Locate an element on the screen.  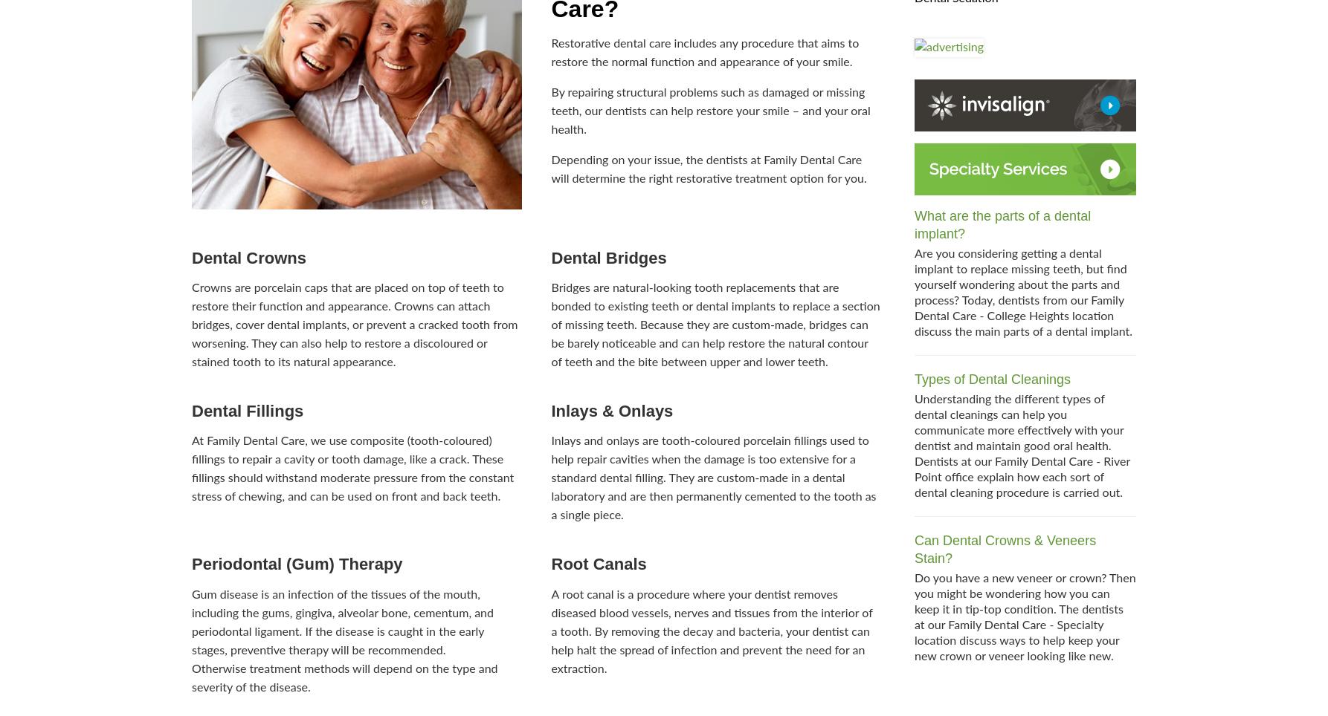
'Do you have a new veneer or crown? Then you might be wondering how you can keep it in tip-top condition. The dentists at our Family Dental Care - Specialty location discuss ways to help keep your new crown or veneer looking like new.' is located at coordinates (915, 616).